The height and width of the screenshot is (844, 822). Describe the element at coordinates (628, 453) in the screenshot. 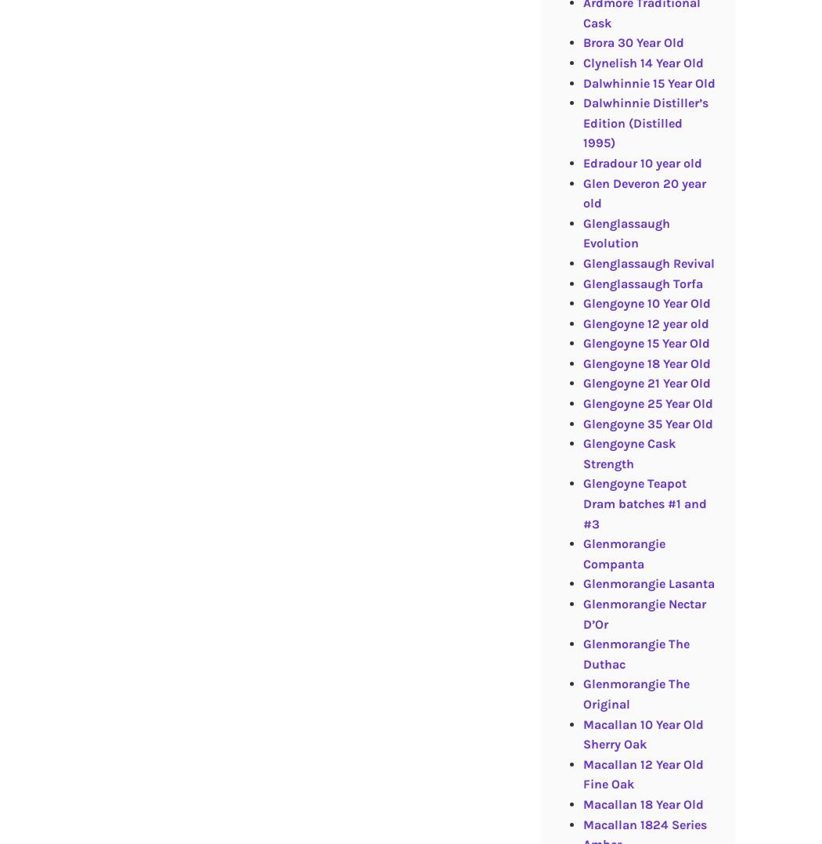

I see `'Glengoyne Cask Strength'` at that location.